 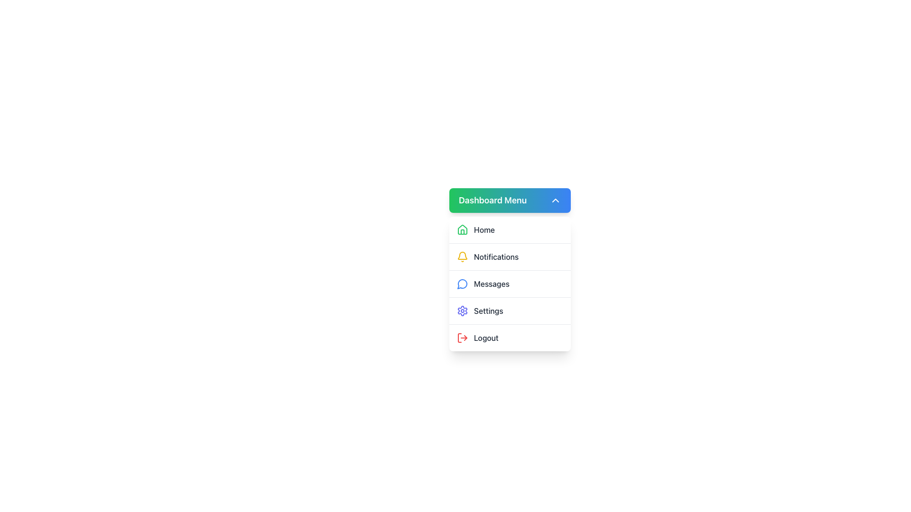 I want to click on the static text label in the 'Dashboard Menu', so click(x=488, y=311).